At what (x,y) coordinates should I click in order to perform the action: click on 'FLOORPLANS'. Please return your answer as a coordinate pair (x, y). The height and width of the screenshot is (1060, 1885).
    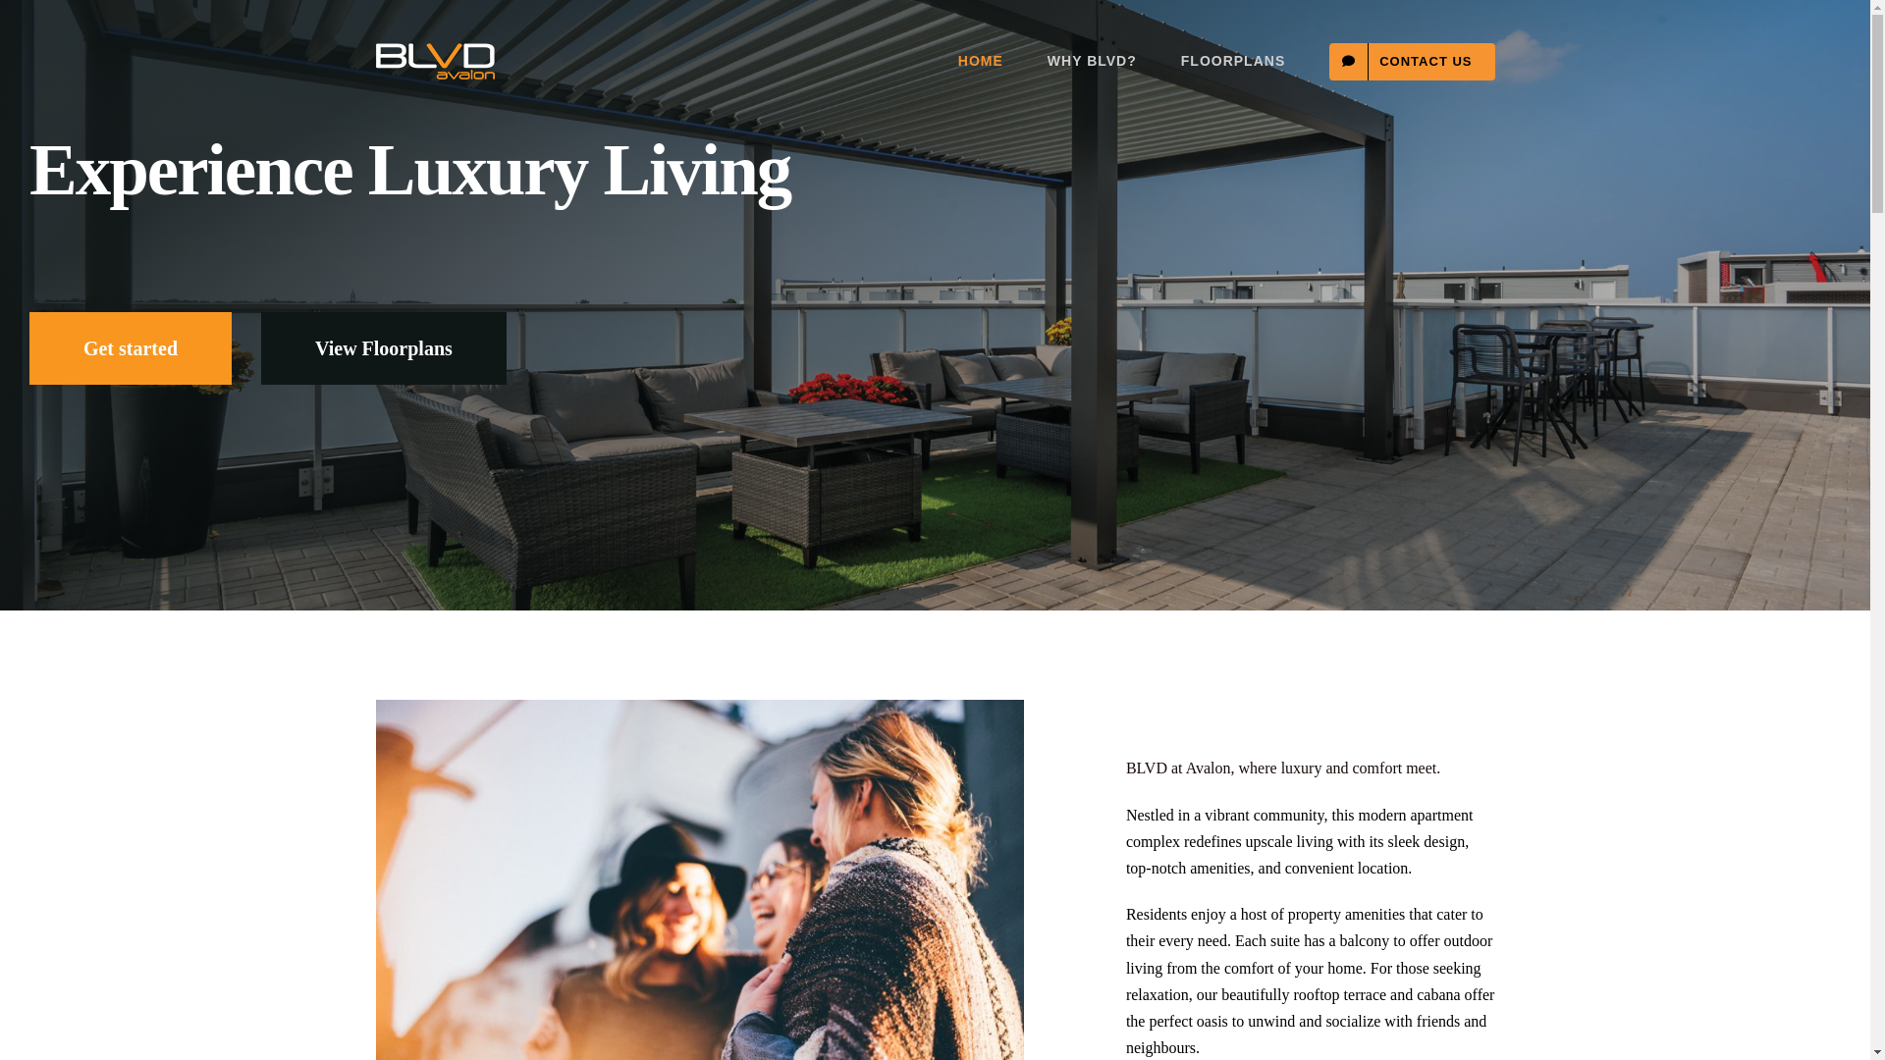
    Looking at the image, I should click on (1232, 59).